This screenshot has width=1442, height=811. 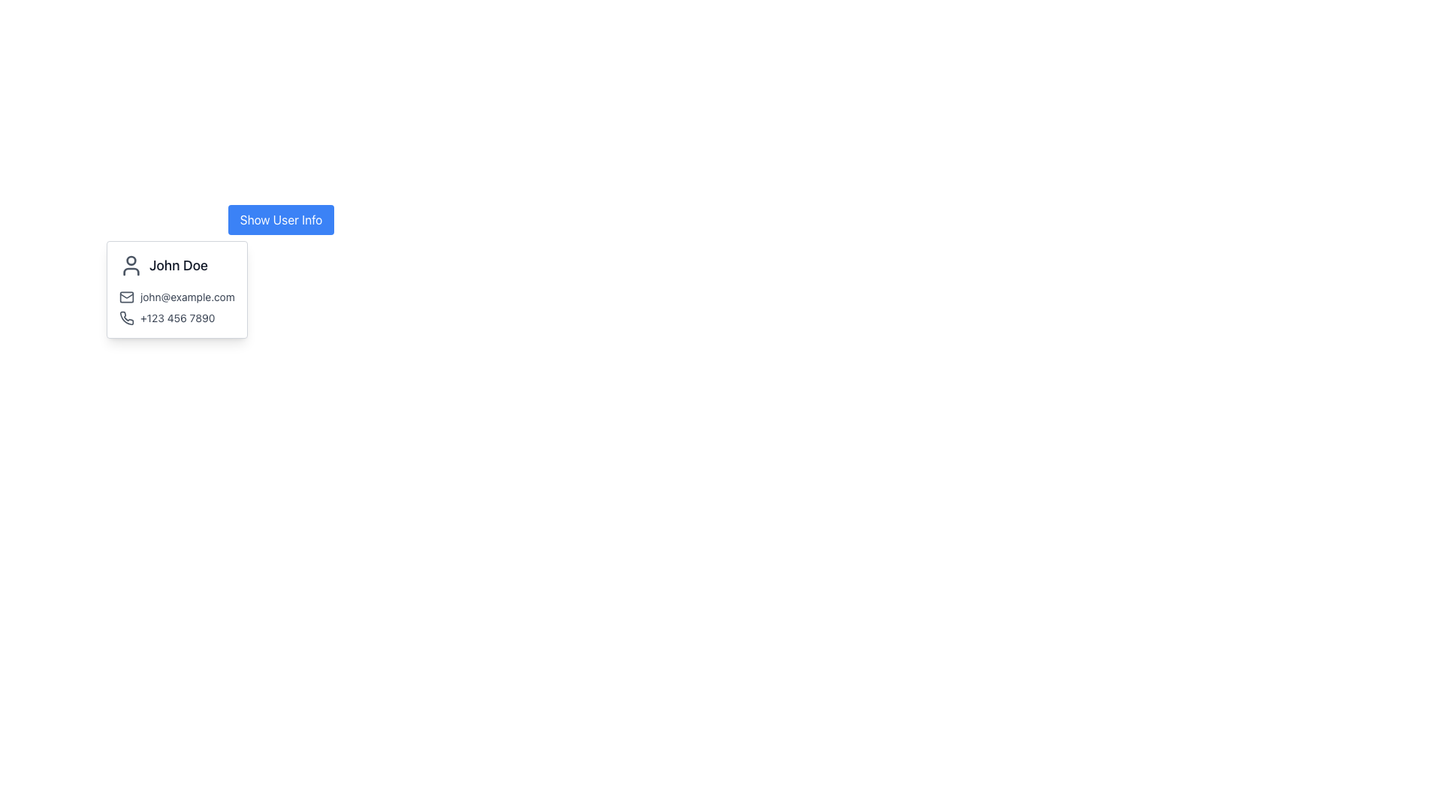 What do you see at coordinates (176, 297) in the screenshot?
I see `the email address 'john@example.com' with the envelope icon in the contact card for John Doe` at bounding box center [176, 297].